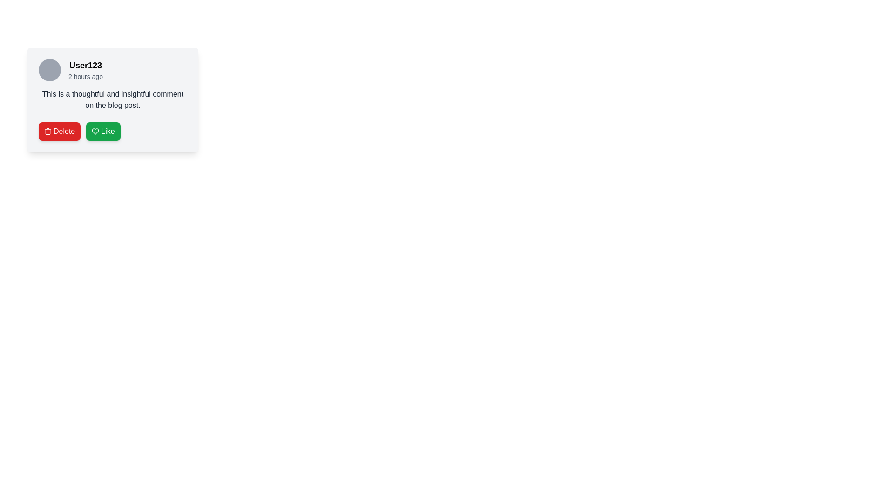  Describe the element at coordinates (85, 65) in the screenshot. I see `username displayed as 'User123' in bold at the top of the user comment card, adjacent to the circular user avatar` at that location.